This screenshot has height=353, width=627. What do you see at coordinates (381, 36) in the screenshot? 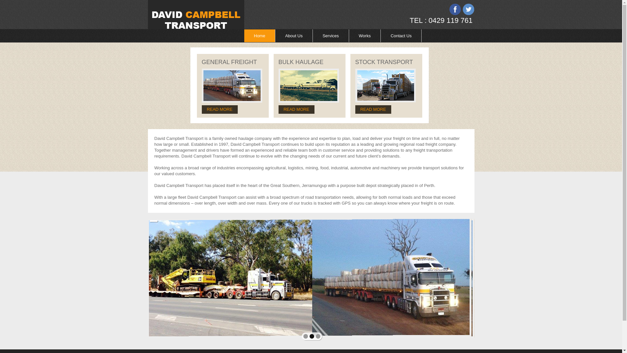
I see `'Contact Us'` at bounding box center [381, 36].